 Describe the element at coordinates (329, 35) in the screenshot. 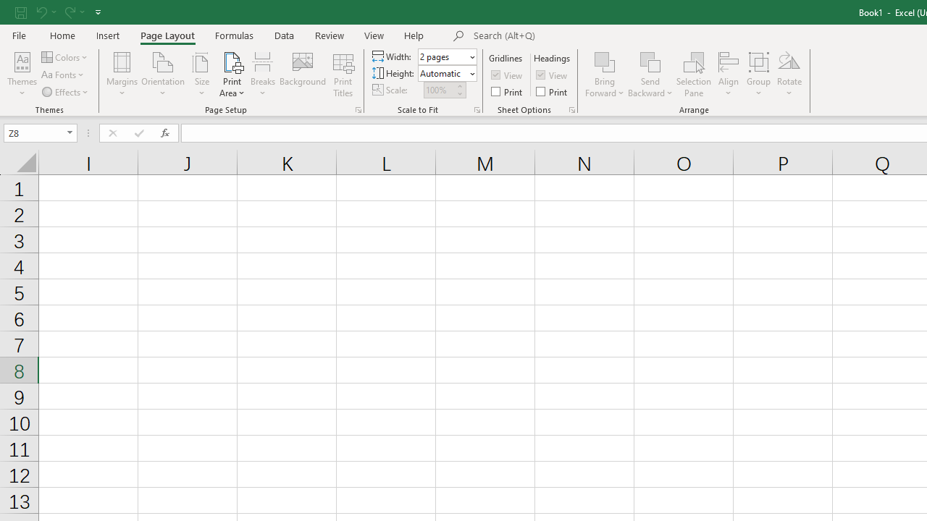

I see `'Review'` at that location.